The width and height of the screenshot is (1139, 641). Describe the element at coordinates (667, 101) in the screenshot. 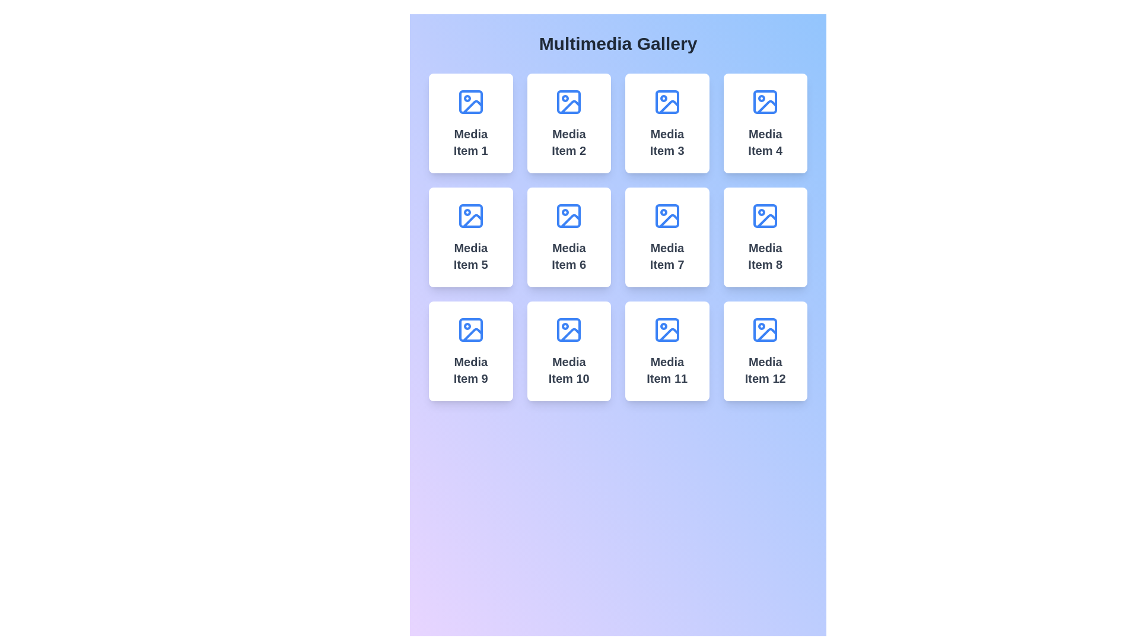

I see `the decorative SVG rectangle representing an image placeholder located` at that location.